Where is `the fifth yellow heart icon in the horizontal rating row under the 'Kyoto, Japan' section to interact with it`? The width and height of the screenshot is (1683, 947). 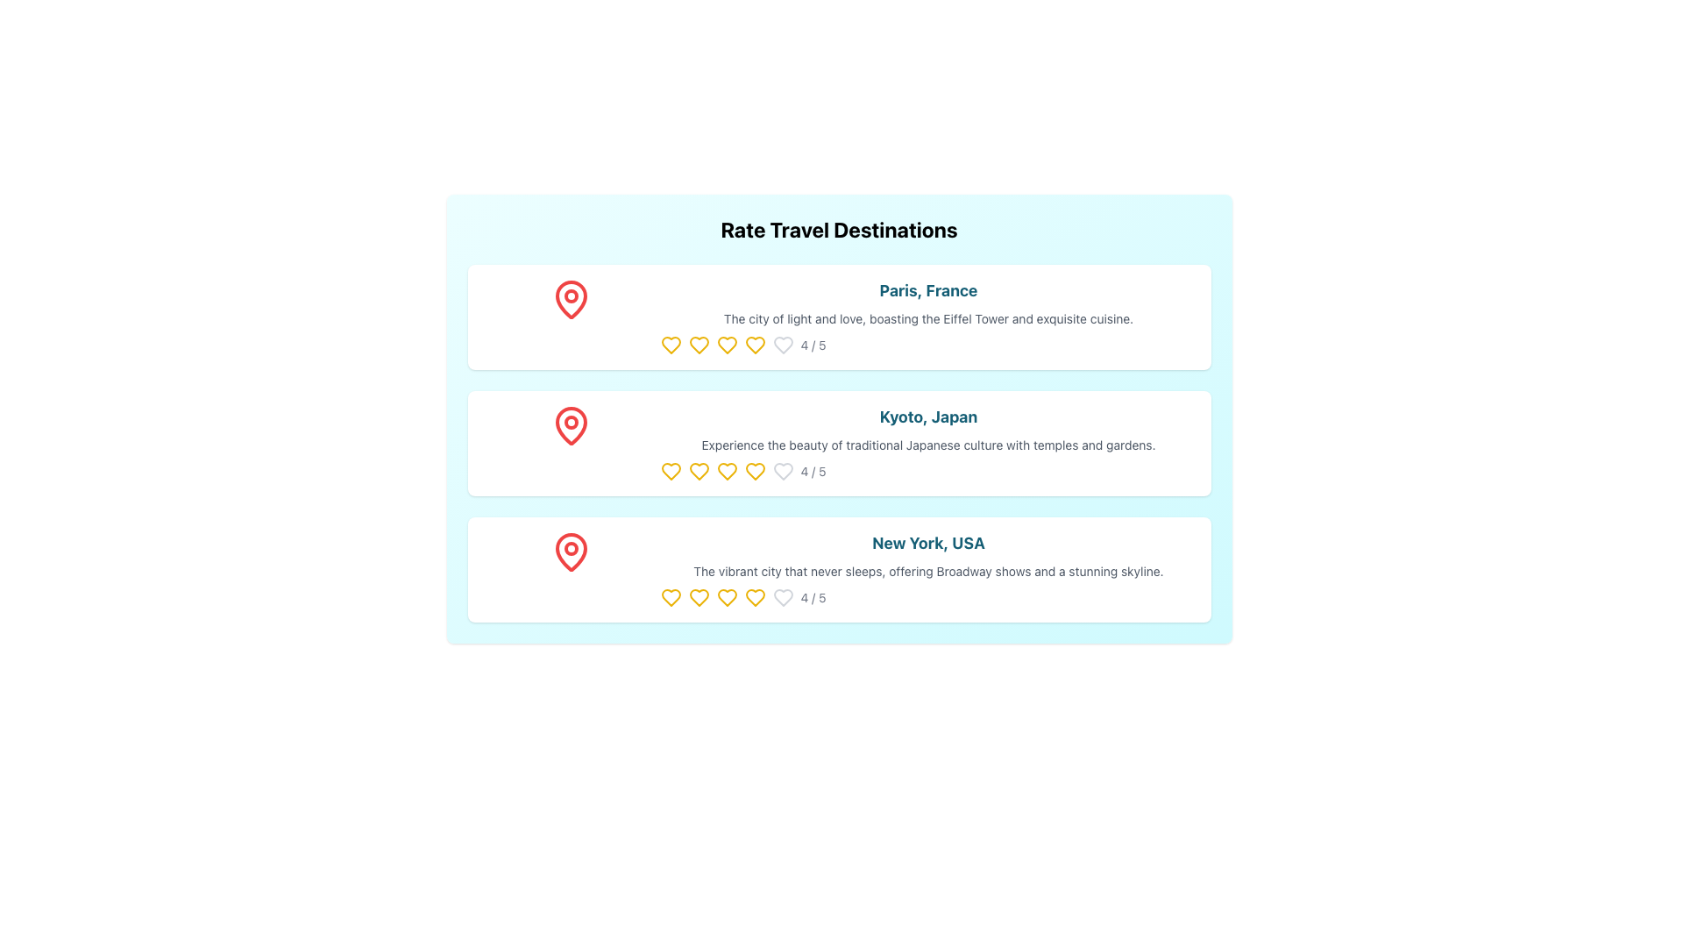 the fifth yellow heart icon in the horizontal rating row under the 'Kyoto, Japan' section to interact with it is located at coordinates (727, 470).